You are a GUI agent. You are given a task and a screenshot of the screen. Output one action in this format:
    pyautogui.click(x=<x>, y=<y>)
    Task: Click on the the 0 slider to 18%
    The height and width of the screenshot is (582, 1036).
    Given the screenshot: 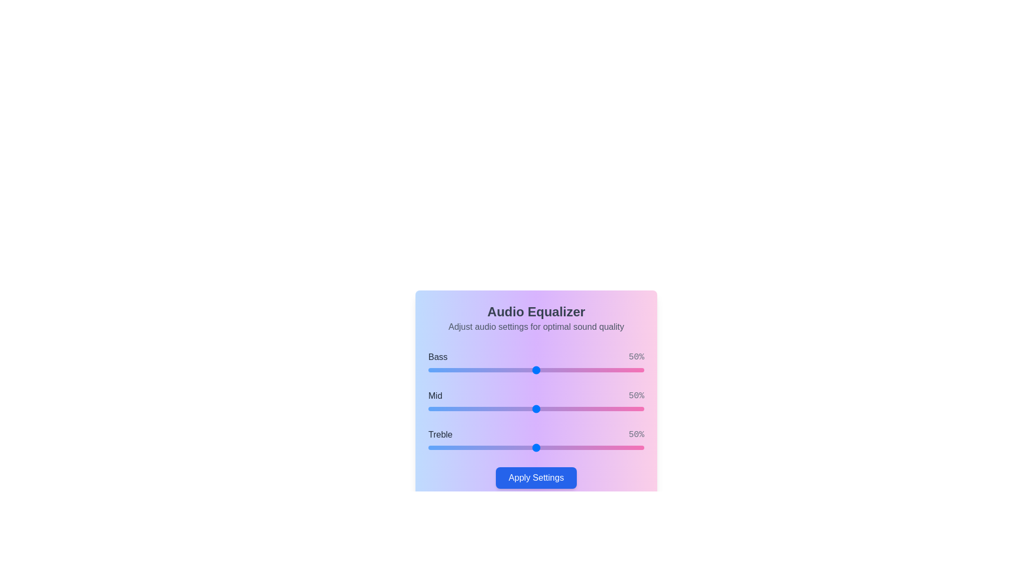 What is the action you would take?
    pyautogui.click(x=467, y=369)
    